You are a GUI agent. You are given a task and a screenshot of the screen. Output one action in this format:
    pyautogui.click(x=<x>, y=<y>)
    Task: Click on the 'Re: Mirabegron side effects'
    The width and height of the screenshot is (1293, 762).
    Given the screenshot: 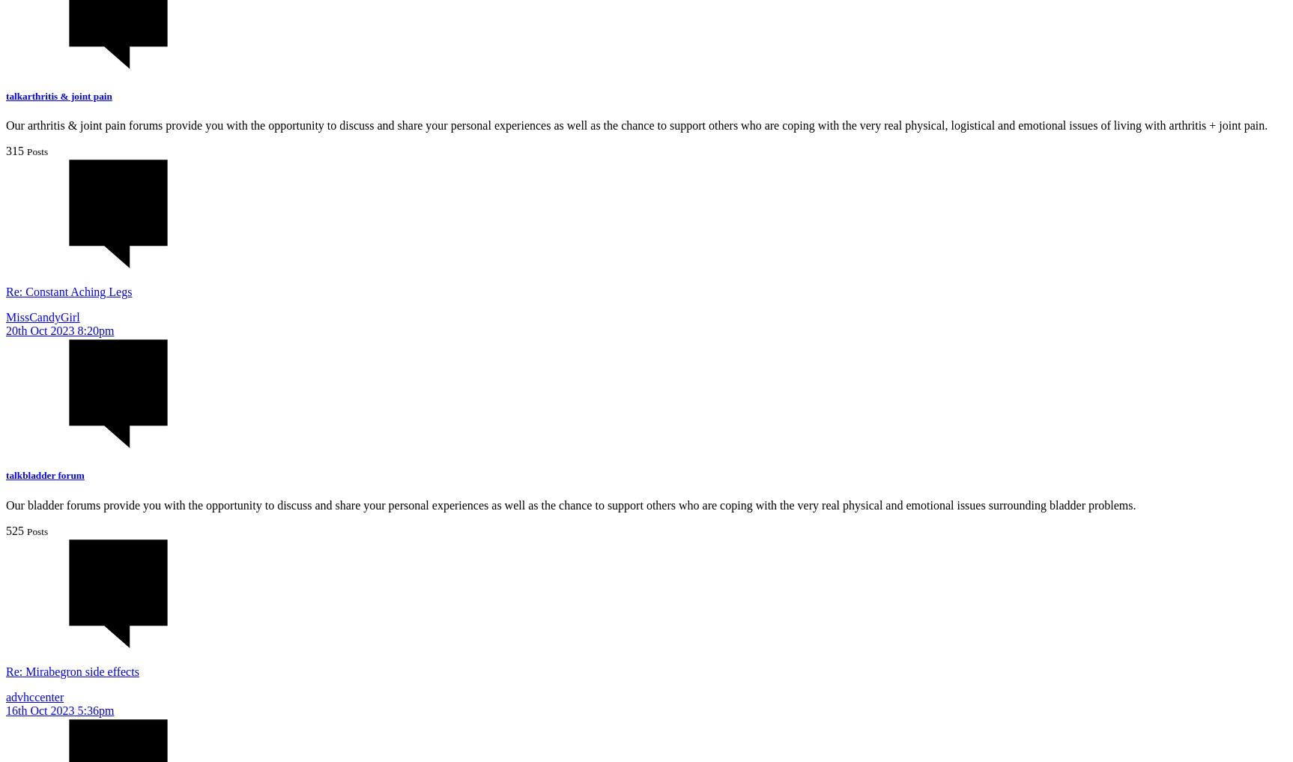 What is the action you would take?
    pyautogui.click(x=71, y=671)
    